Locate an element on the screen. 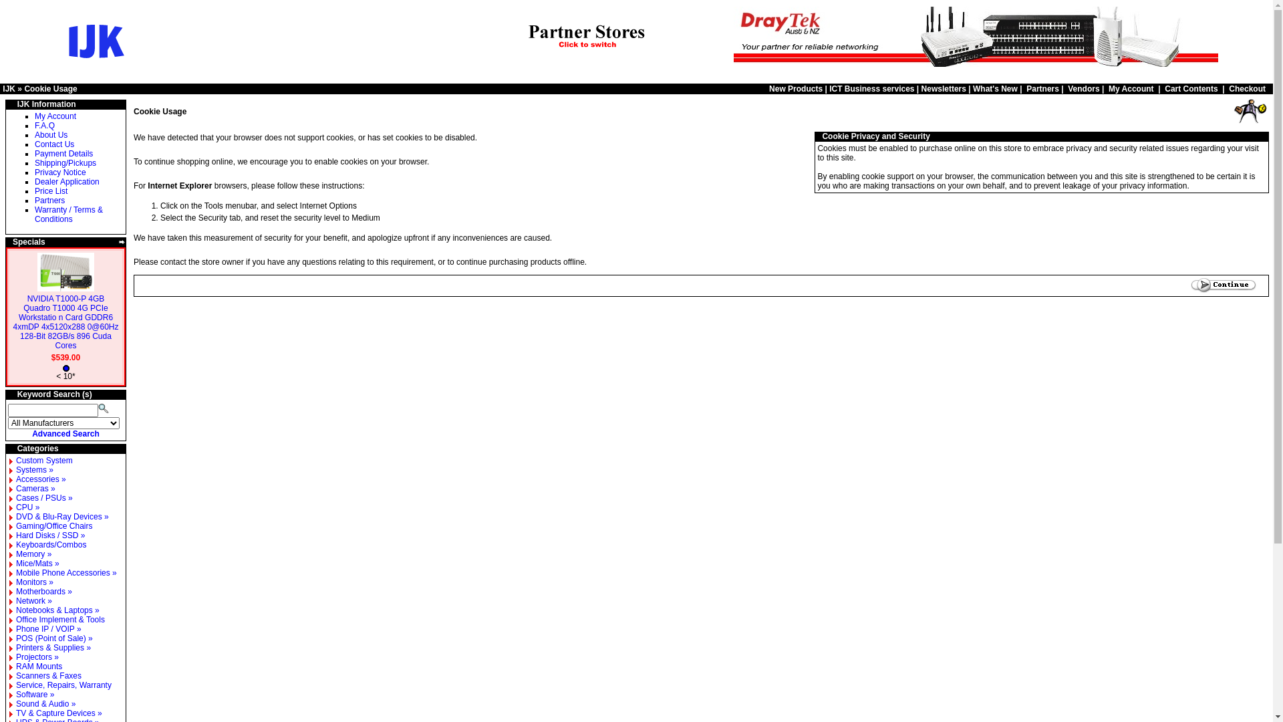 The image size is (1283, 722). 'Contact Us' is located at coordinates (53, 144).